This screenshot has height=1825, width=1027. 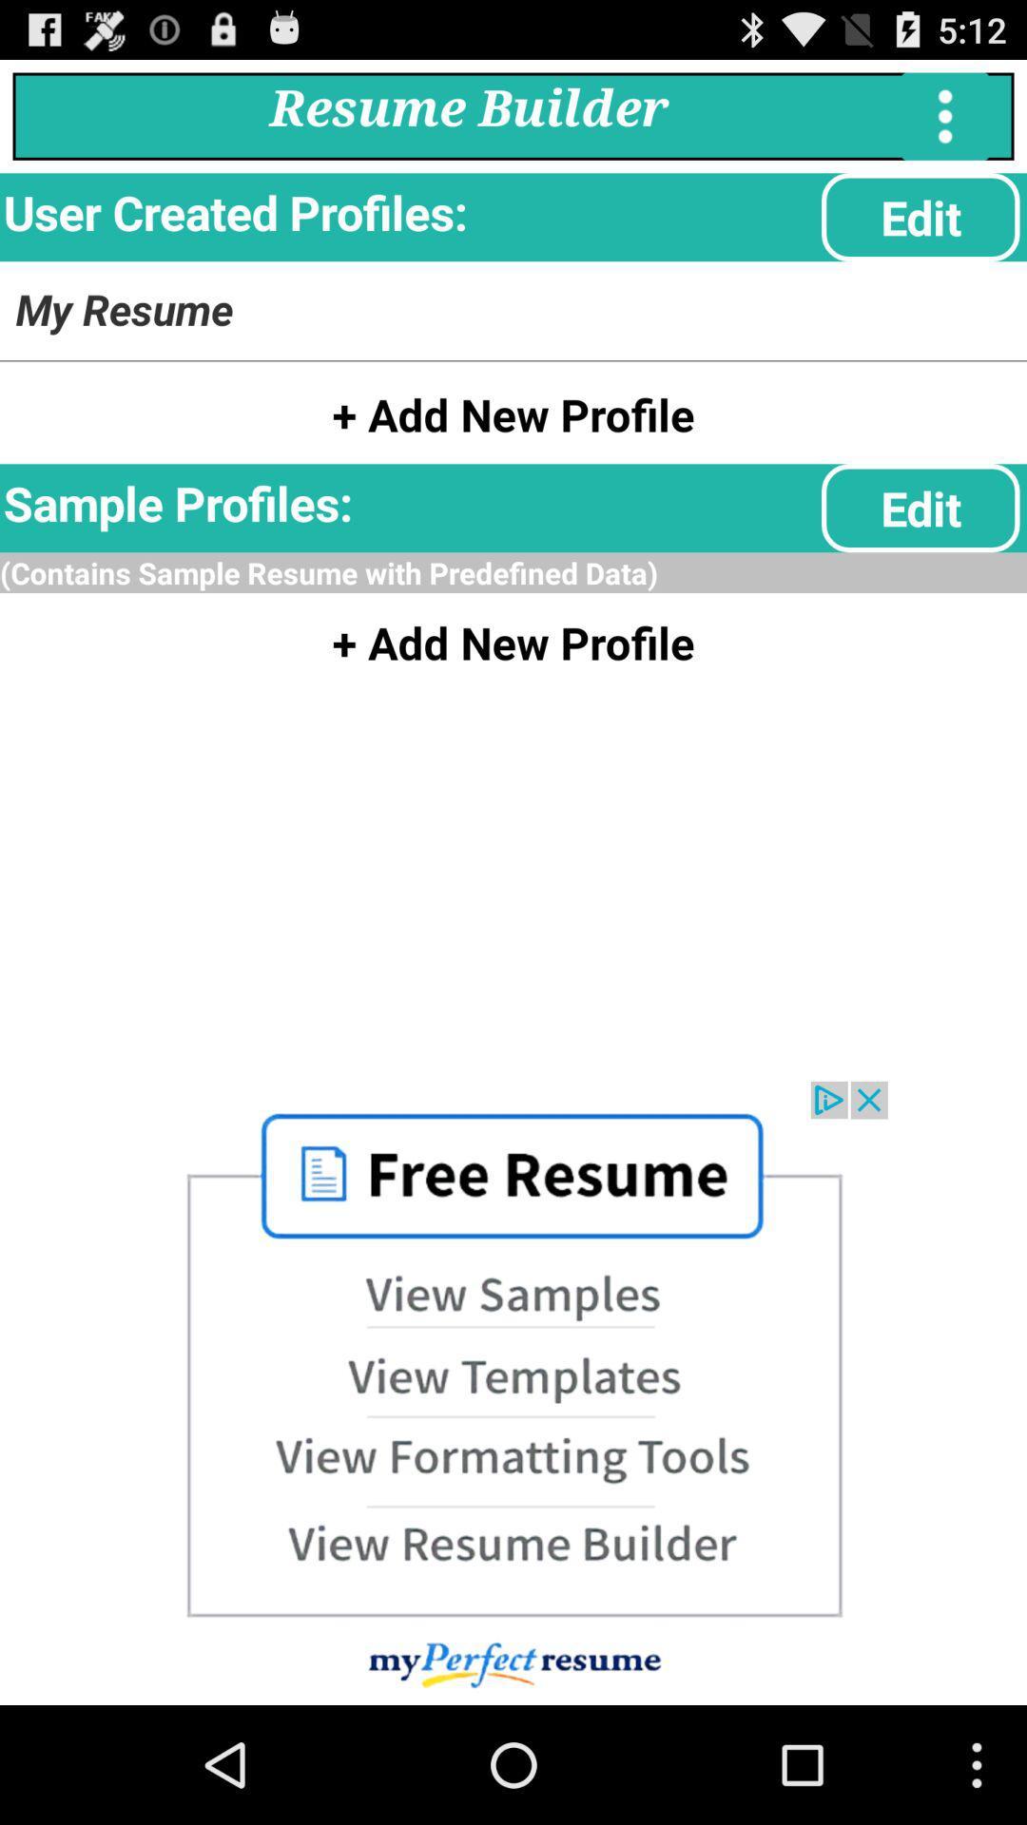 I want to click on connect to link, so click(x=513, y=1393).